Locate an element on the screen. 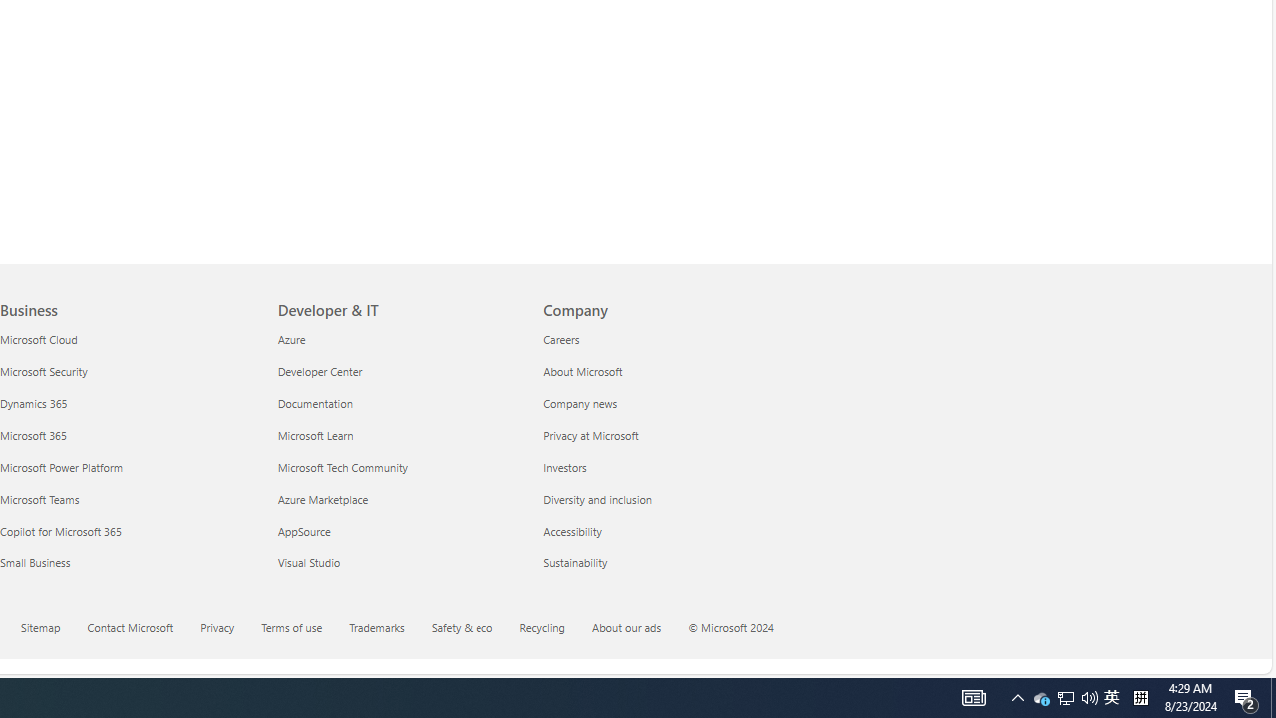 The height and width of the screenshot is (718, 1276). 'Careers' is located at coordinates (664, 338).